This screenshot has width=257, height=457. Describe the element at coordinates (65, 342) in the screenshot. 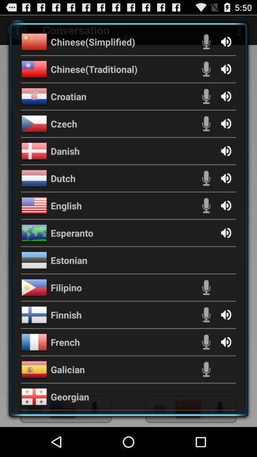

I see `the item below finnish item` at that location.